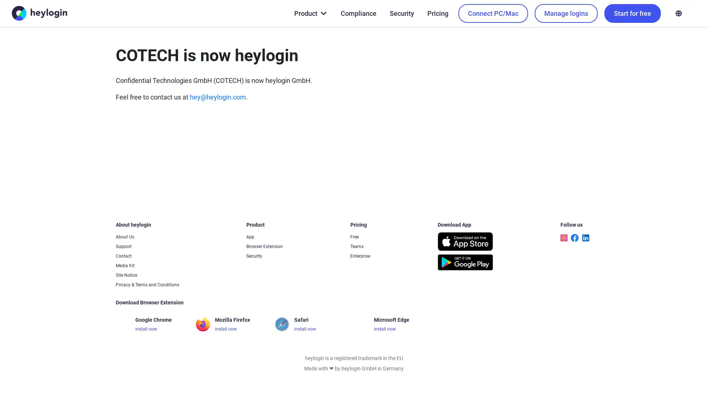 The height and width of the screenshot is (398, 708). I want to click on Language Switcher, so click(678, 13).